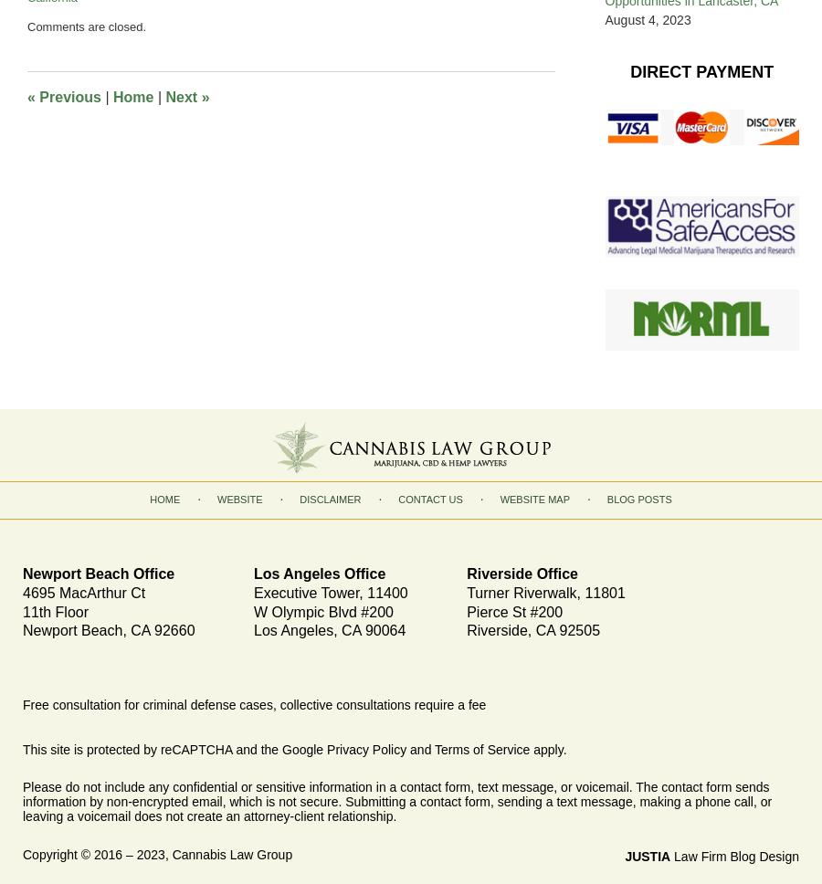 The image size is (822, 884). What do you see at coordinates (638, 499) in the screenshot?
I see `'Blog Posts'` at bounding box center [638, 499].